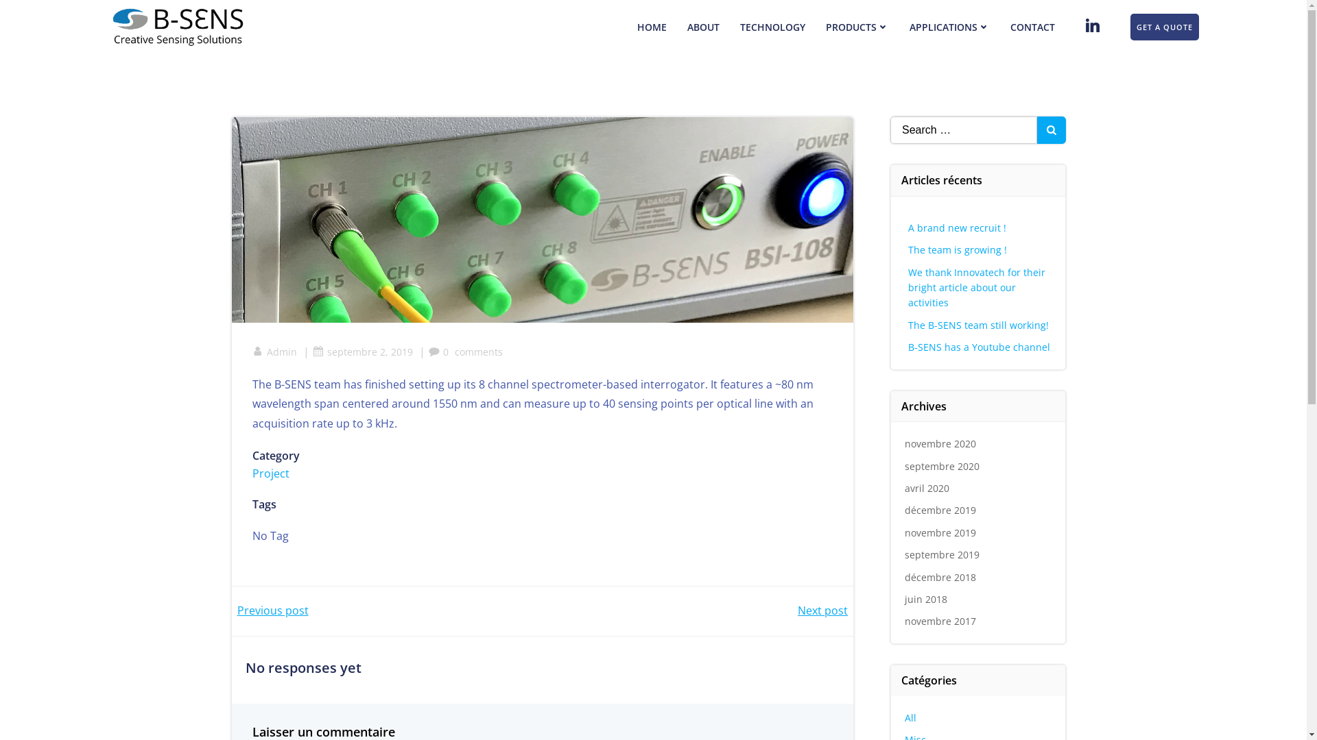 This screenshot has width=1317, height=740. Describe the element at coordinates (978, 346) in the screenshot. I see `'B-SENS has a Youtube channel'` at that location.